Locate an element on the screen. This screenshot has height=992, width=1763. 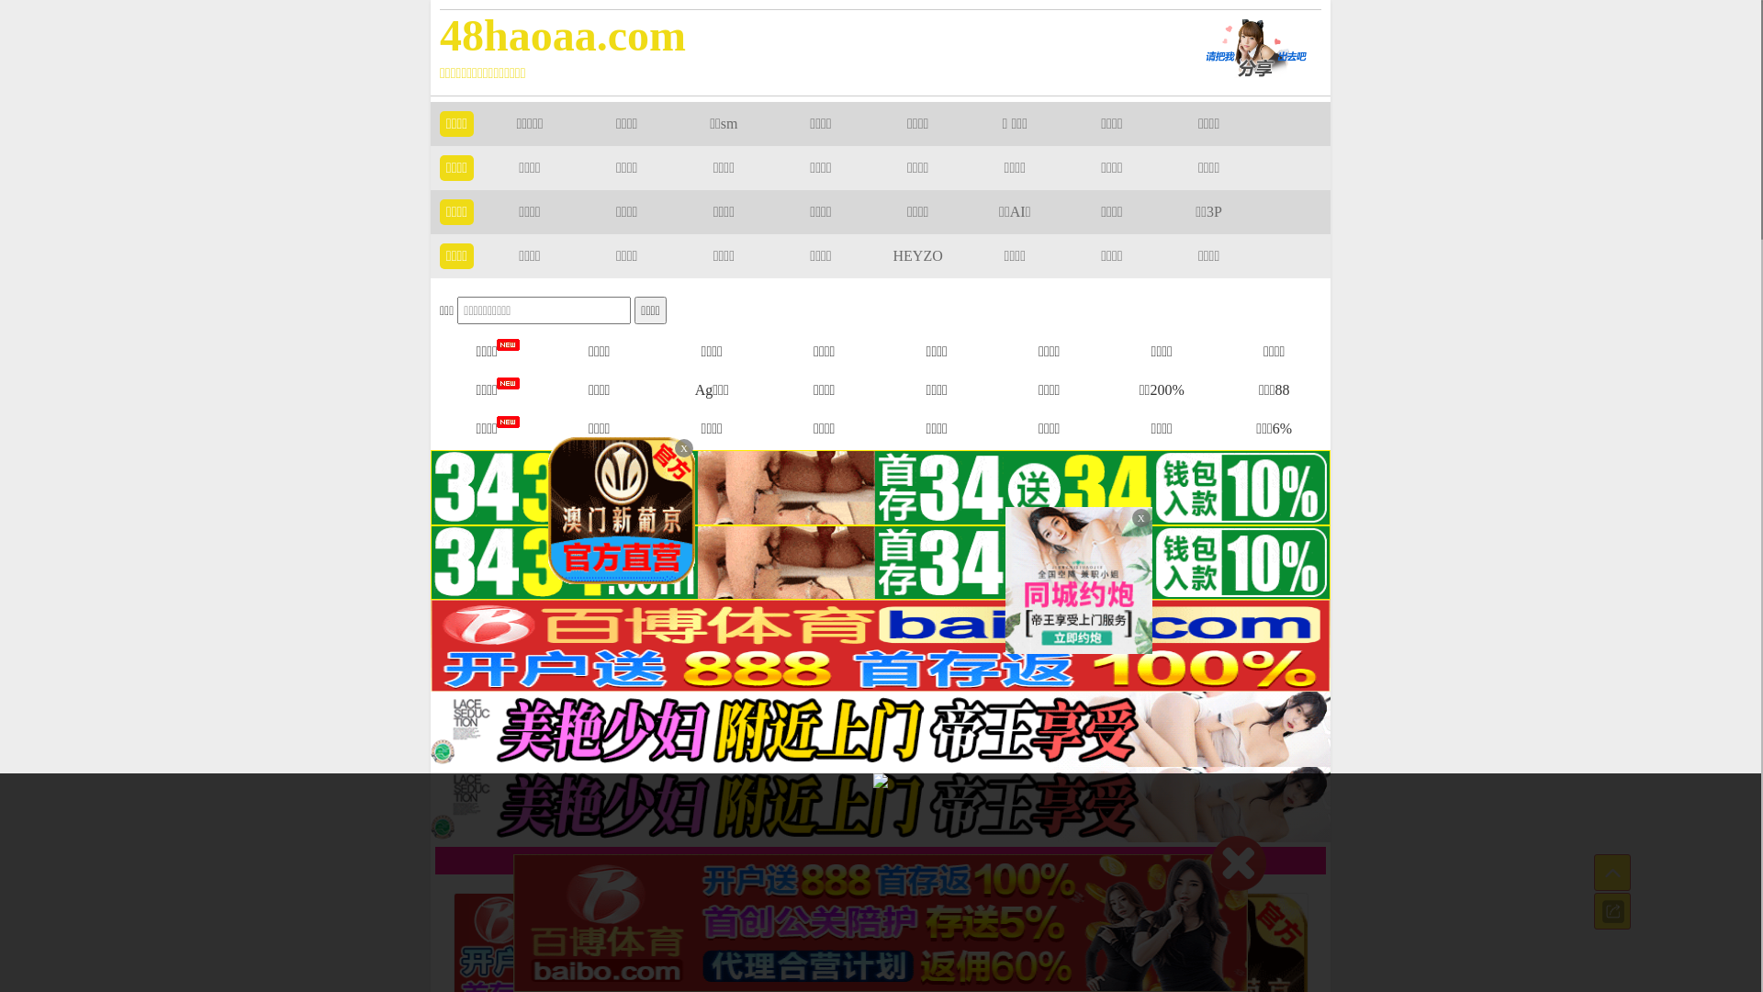
'HEYZO' is located at coordinates (893, 255).